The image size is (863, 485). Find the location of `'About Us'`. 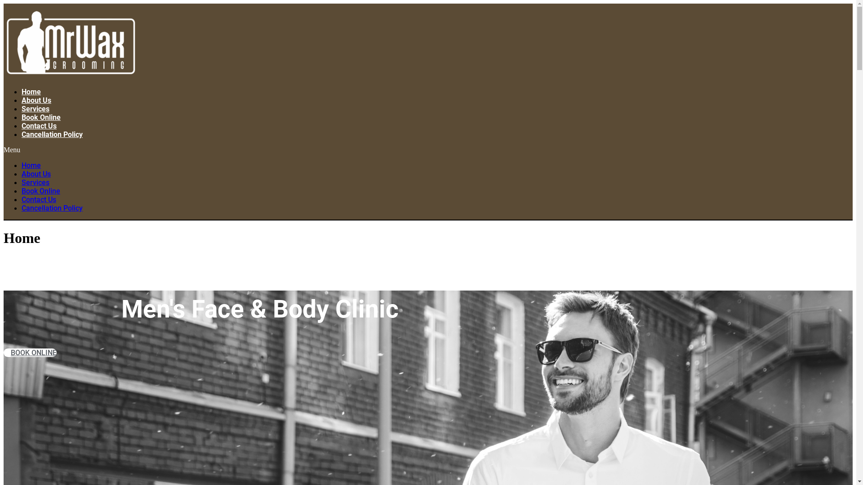

'About Us' is located at coordinates (36, 174).